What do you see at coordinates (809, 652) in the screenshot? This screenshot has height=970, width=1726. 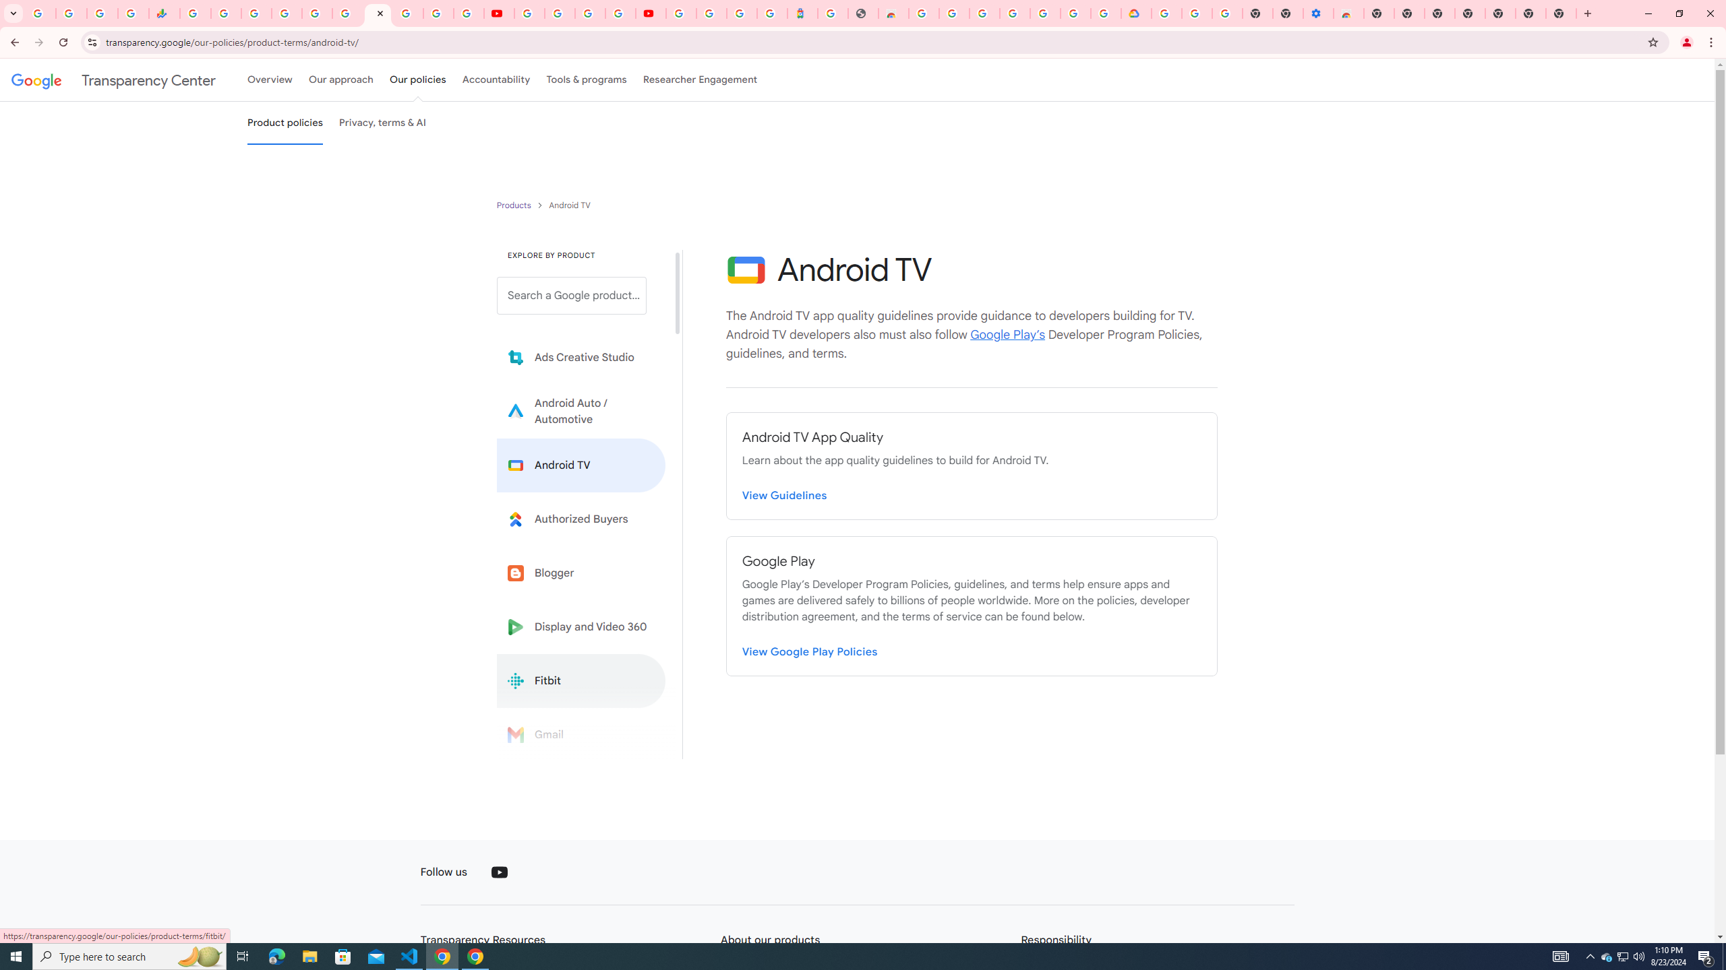 I see `'View Google Play Policies'` at bounding box center [809, 652].